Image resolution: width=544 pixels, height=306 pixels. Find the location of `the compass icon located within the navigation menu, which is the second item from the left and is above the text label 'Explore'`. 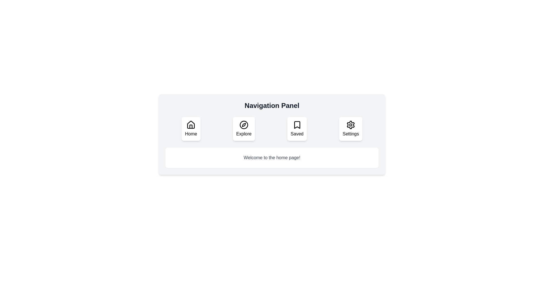

the compass icon located within the navigation menu, which is the second item from the left and is above the text label 'Explore' is located at coordinates (244, 124).